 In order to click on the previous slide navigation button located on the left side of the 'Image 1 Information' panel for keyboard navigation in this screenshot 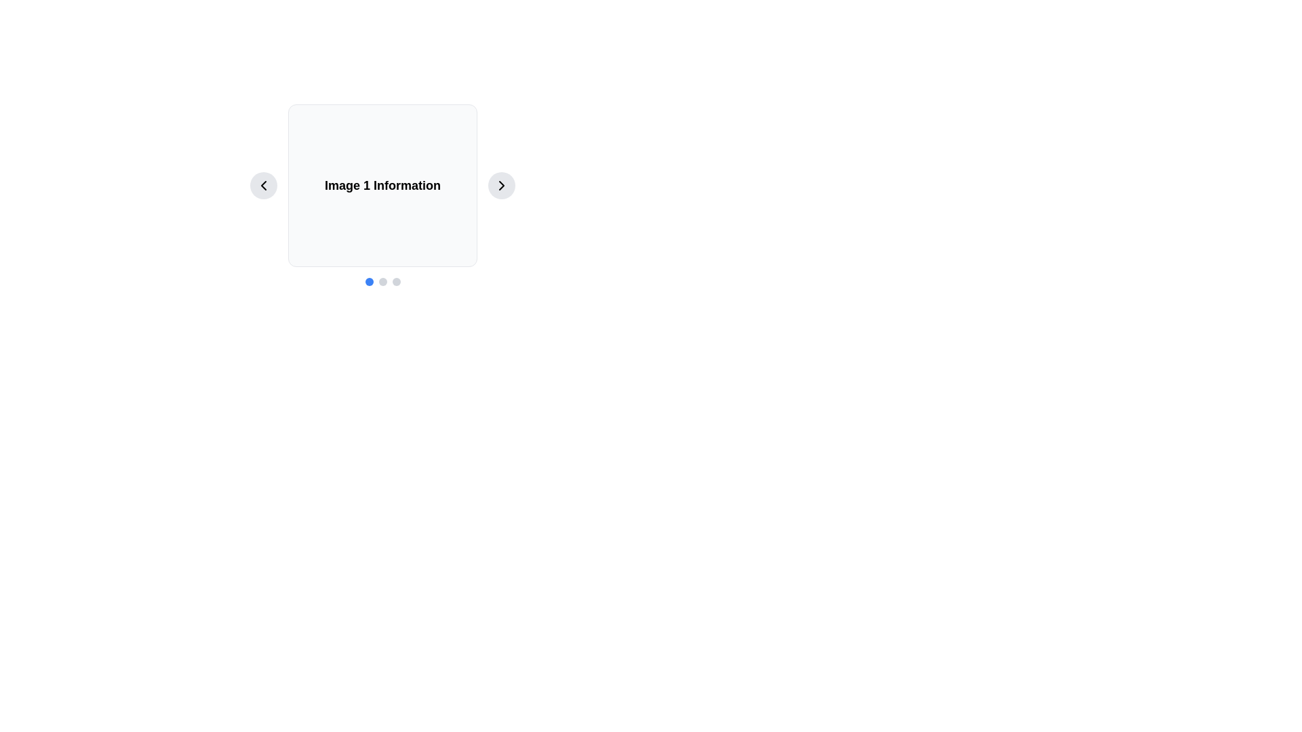, I will do `click(263, 185)`.